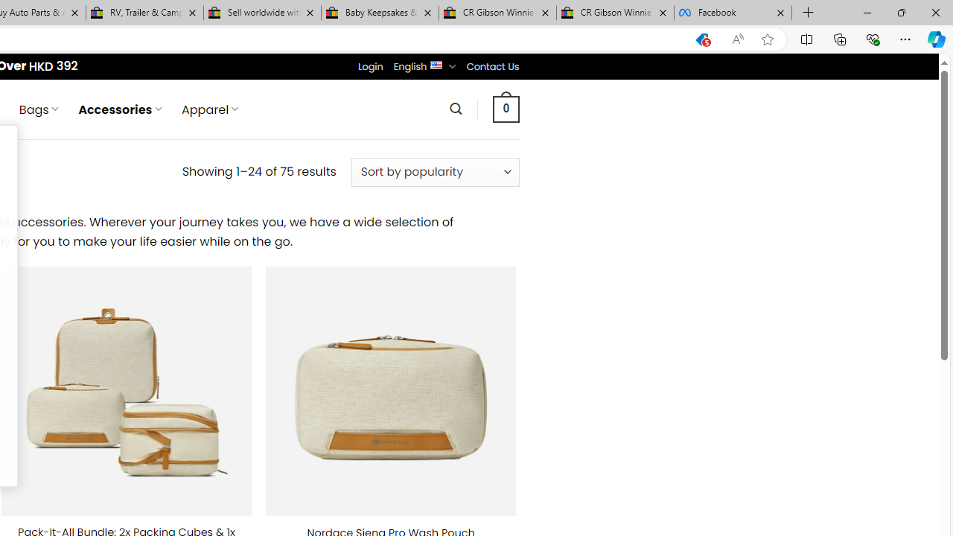 The height and width of the screenshot is (536, 953). I want to click on 'Shop order', so click(434, 171).